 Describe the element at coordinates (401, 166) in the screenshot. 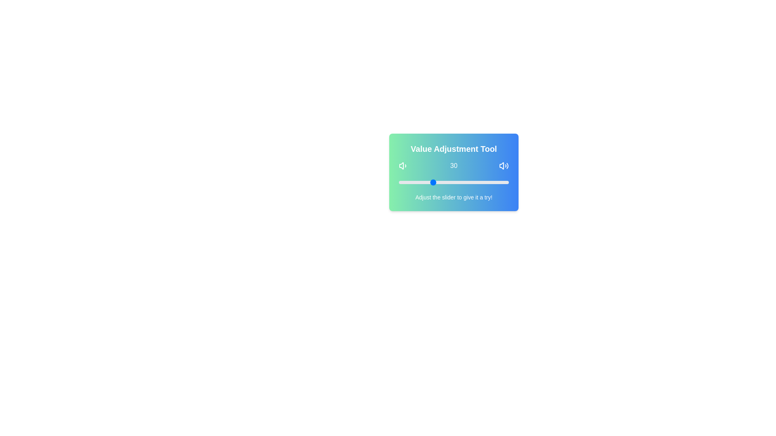

I see `the muted speaker icon located on the left side of the volume adjustment tool interface` at that location.